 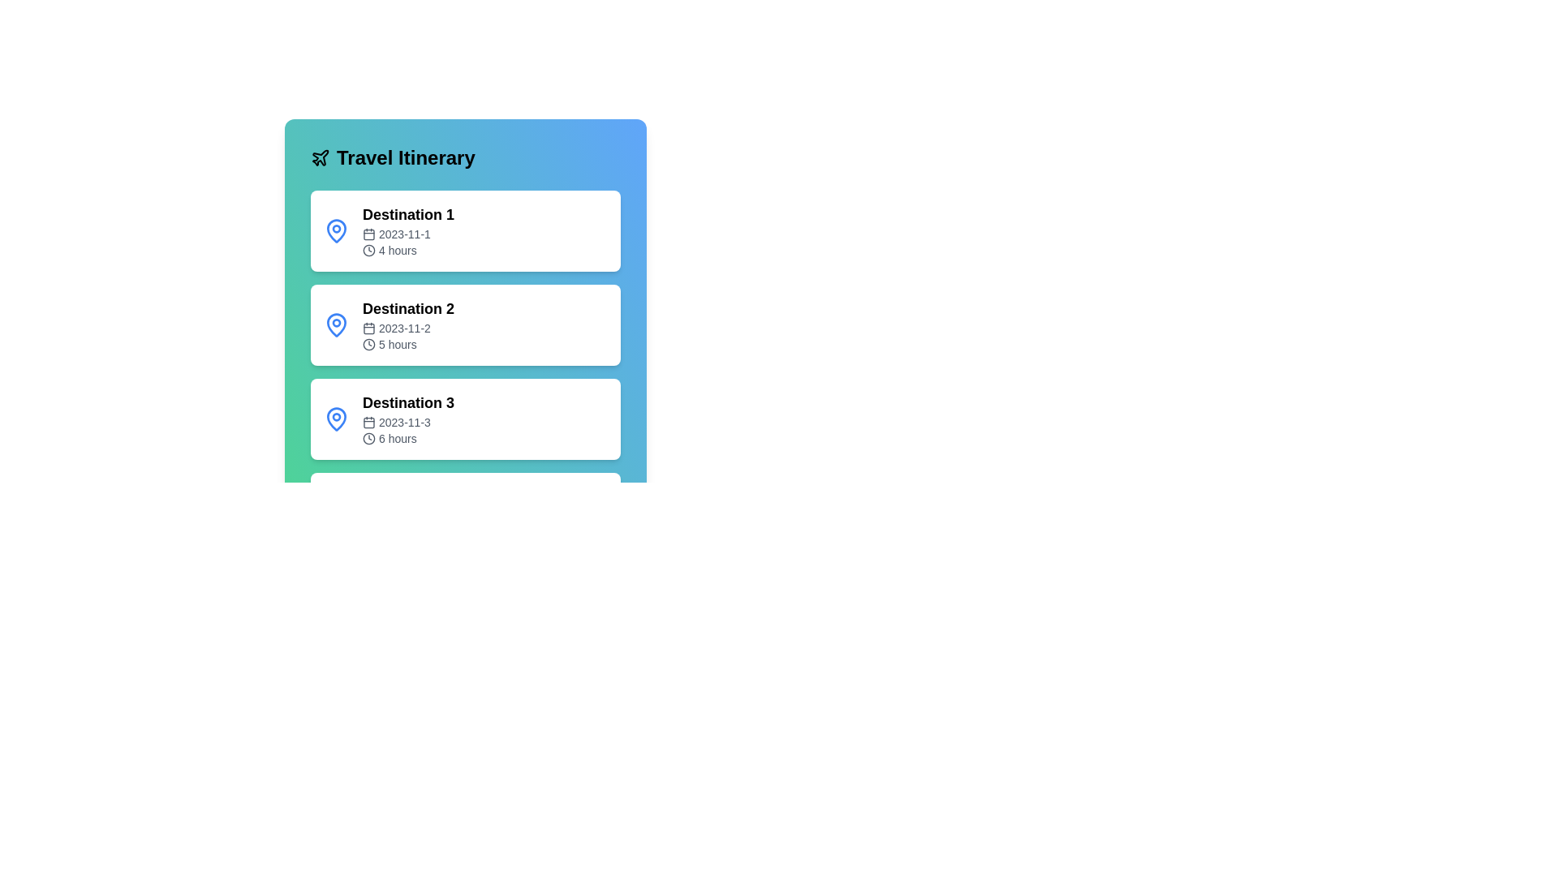 I want to click on the text label displaying the date '2023-11-1', which is styled in gray and located beneath 'Destination 1' in the travel itinerary interface, so click(x=408, y=234).